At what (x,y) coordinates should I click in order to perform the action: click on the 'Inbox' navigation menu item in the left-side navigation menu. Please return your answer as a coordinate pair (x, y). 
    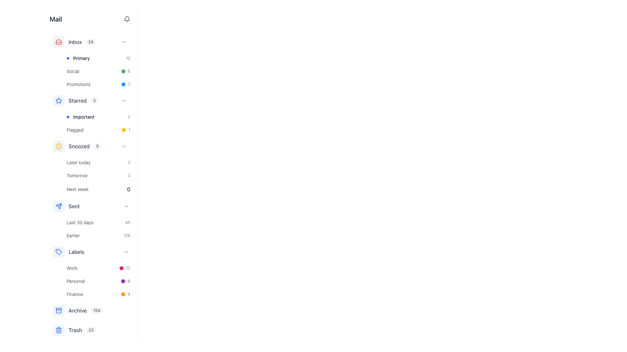
    Looking at the image, I should click on (74, 42).